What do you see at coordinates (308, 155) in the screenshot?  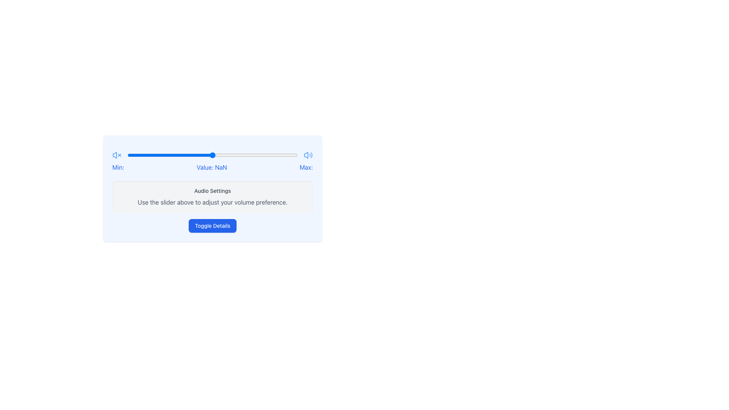 I see `the speaker icon that represents sound output, located at the far right end of the audio control panel` at bounding box center [308, 155].